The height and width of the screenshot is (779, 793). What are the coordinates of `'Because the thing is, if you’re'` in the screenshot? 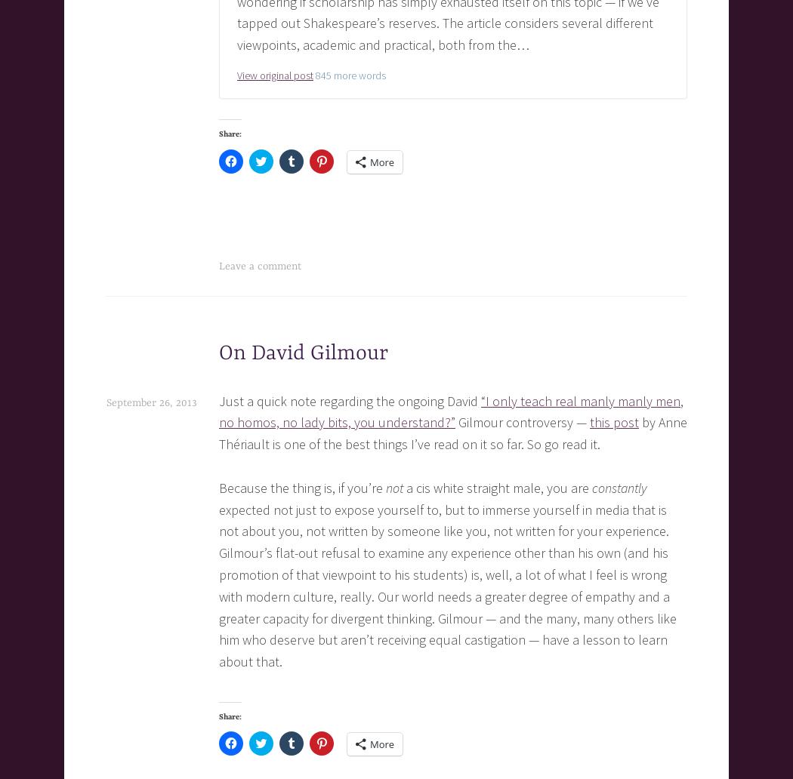 It's located at (302, 487).